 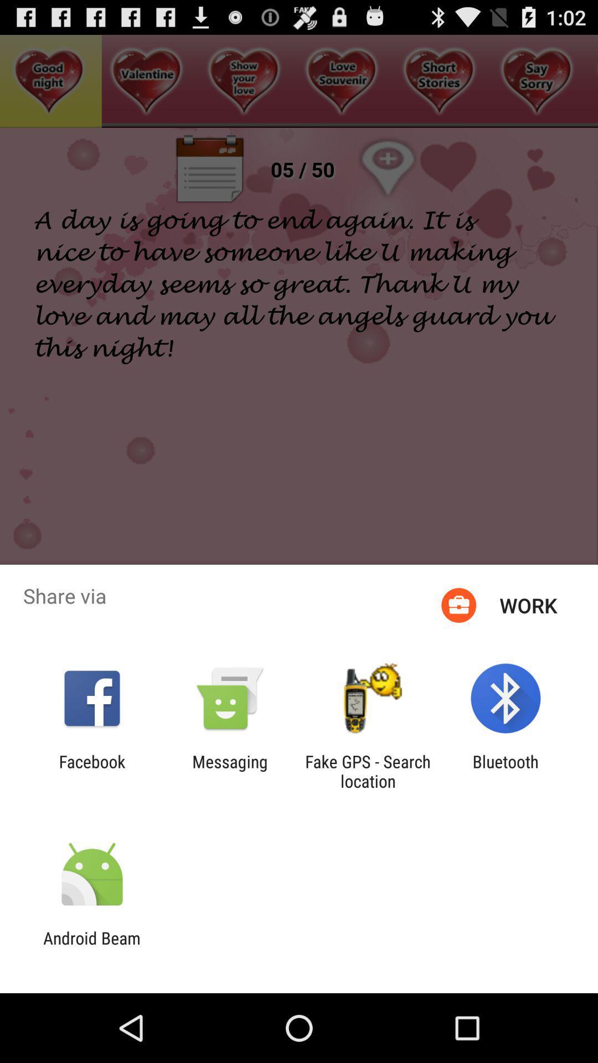 I want to click on item next to the fake gps search item, so click(x=229, y=771).